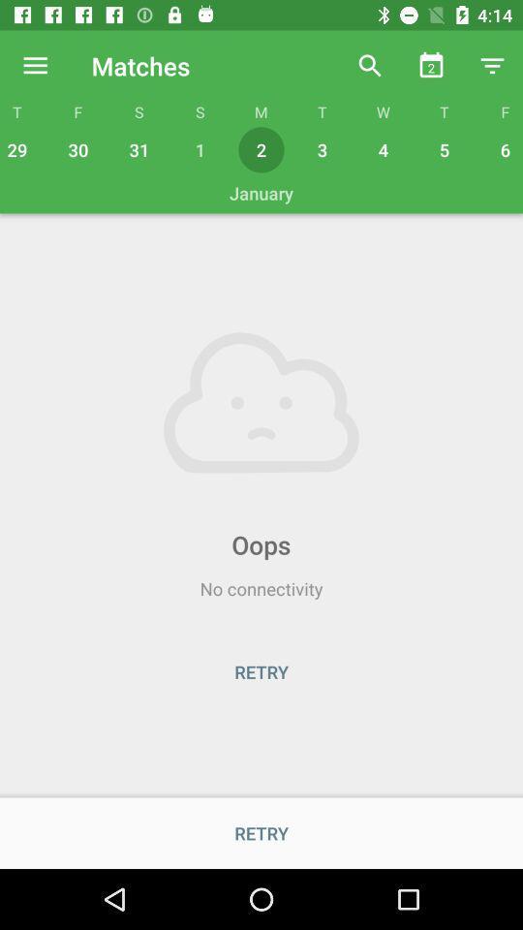 This screenshot has height=930, width=523. What do you see at coordinates (445, 148) in the screenshot?
I see `icon to the right of the 4` at bounding box center [445, 148].